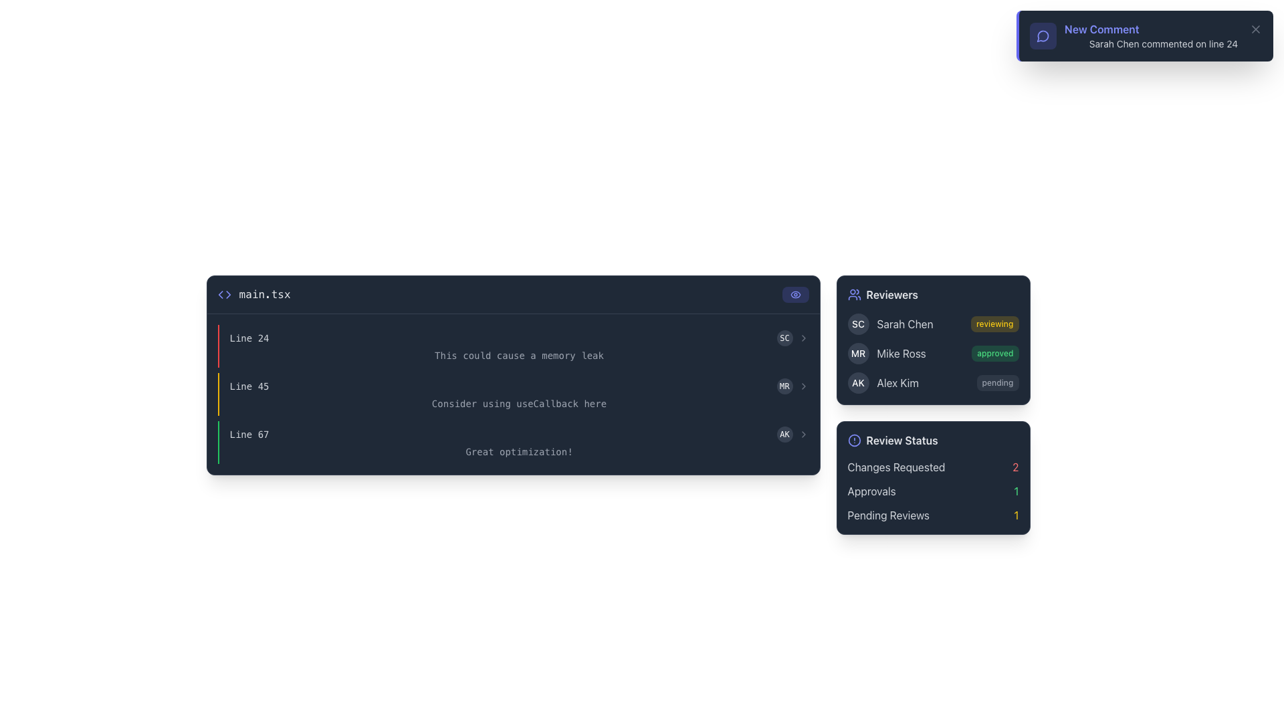 The width and height of the screenshot is (1284, 722). Describe the element at coordinates (901, 352) in the screenshot. I see `the text label displaying 'Mike Ross' in the Reviewers panel` at that location.